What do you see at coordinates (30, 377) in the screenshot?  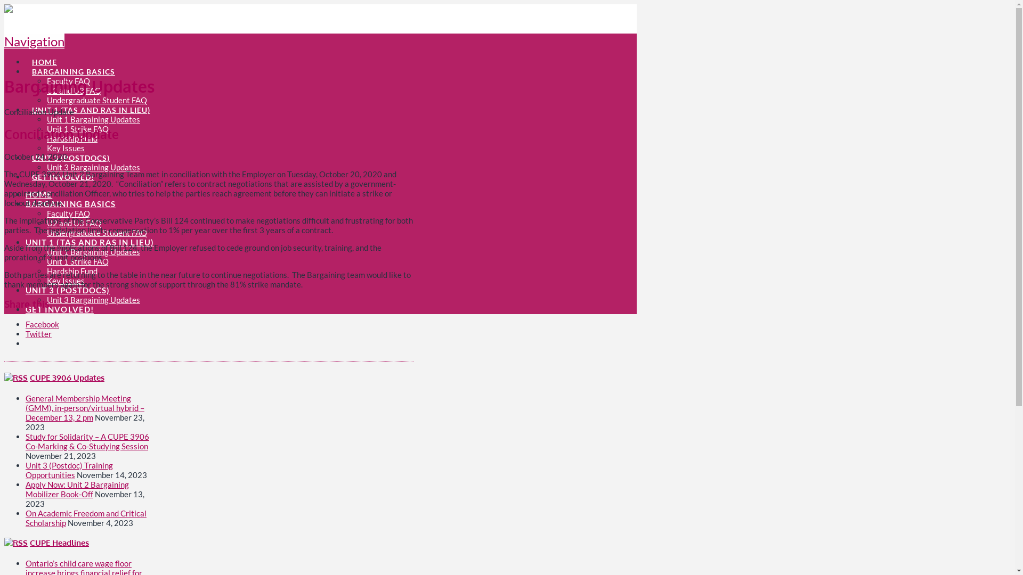 I see `'CUPE 3906 Updates'` at bounding box center [30, 377].